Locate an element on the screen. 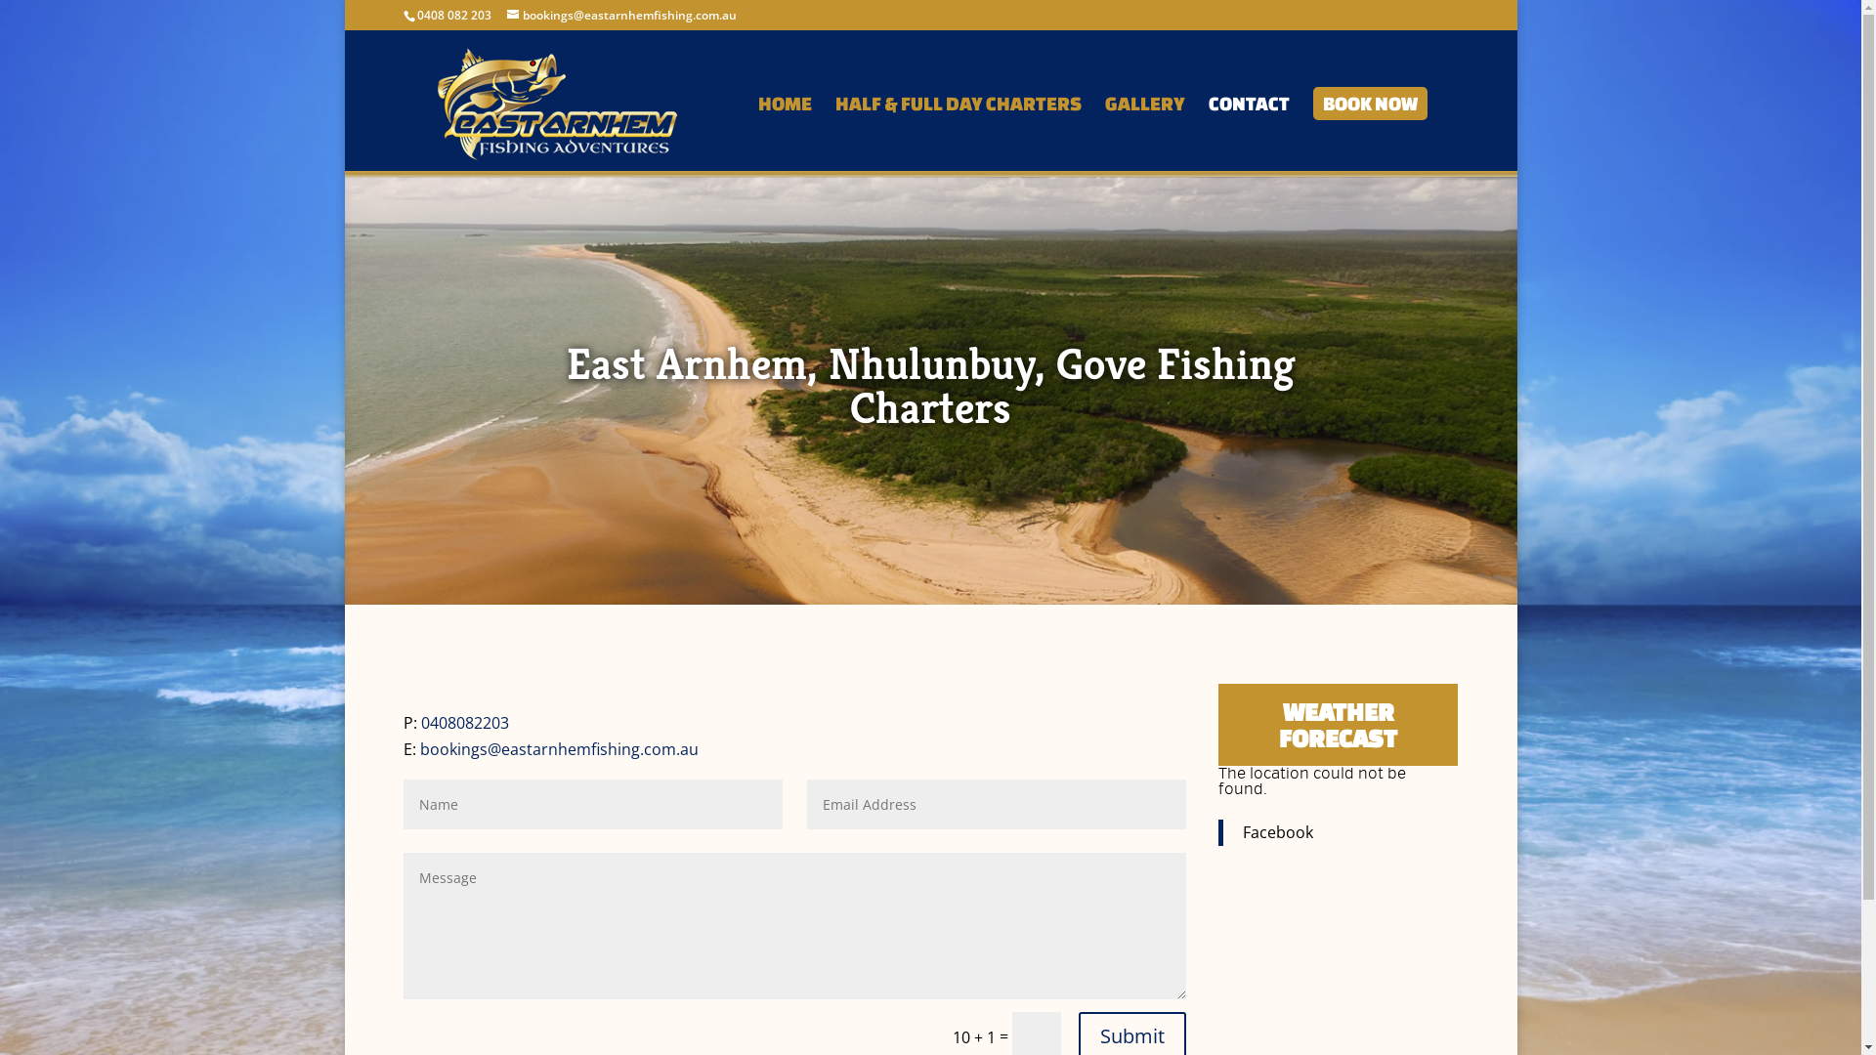  'BOOK NOW' is located at coordinates (1369, 132).